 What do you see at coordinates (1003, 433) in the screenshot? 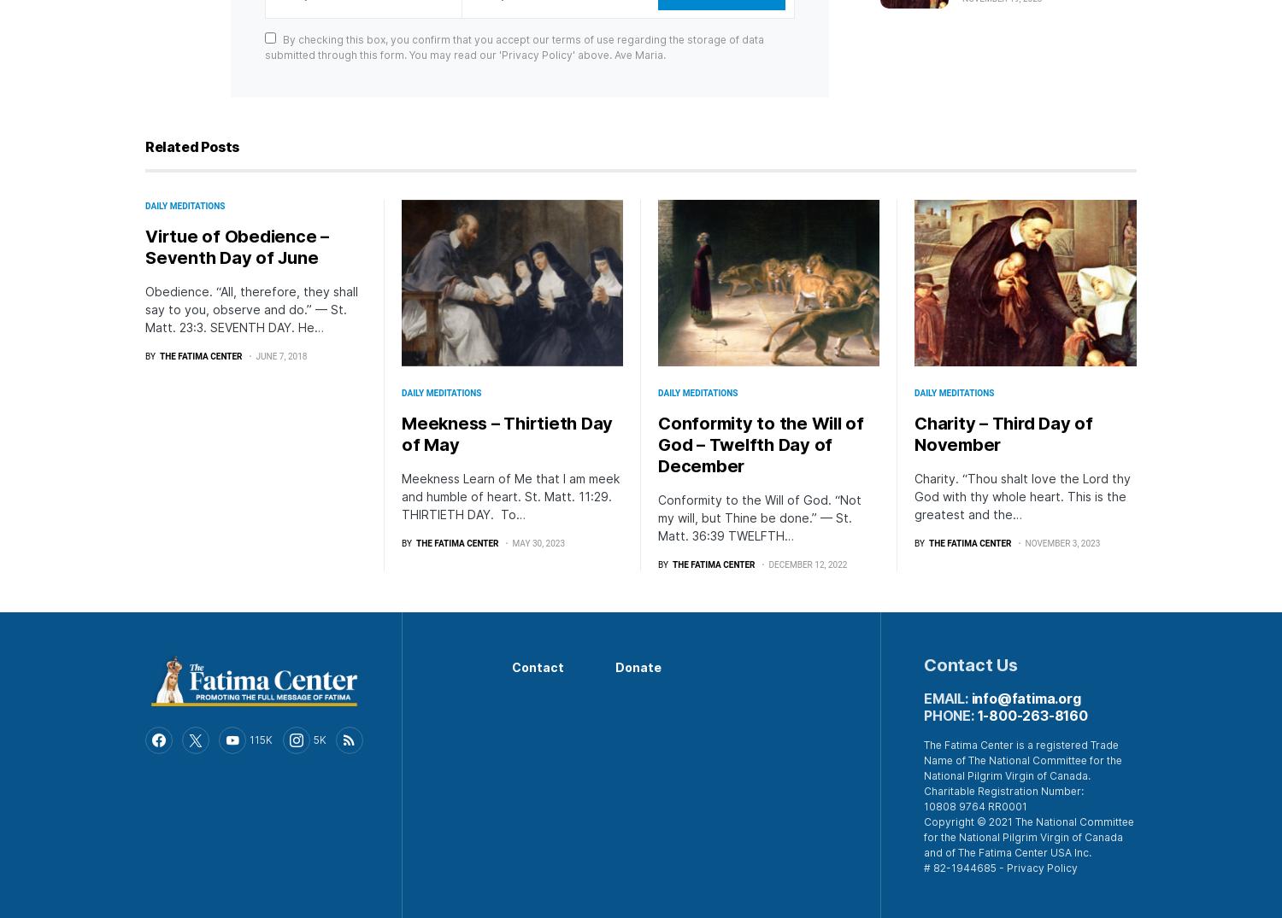
I see `'Charity – Third Day of November'` at bounding box center [1003, 433].